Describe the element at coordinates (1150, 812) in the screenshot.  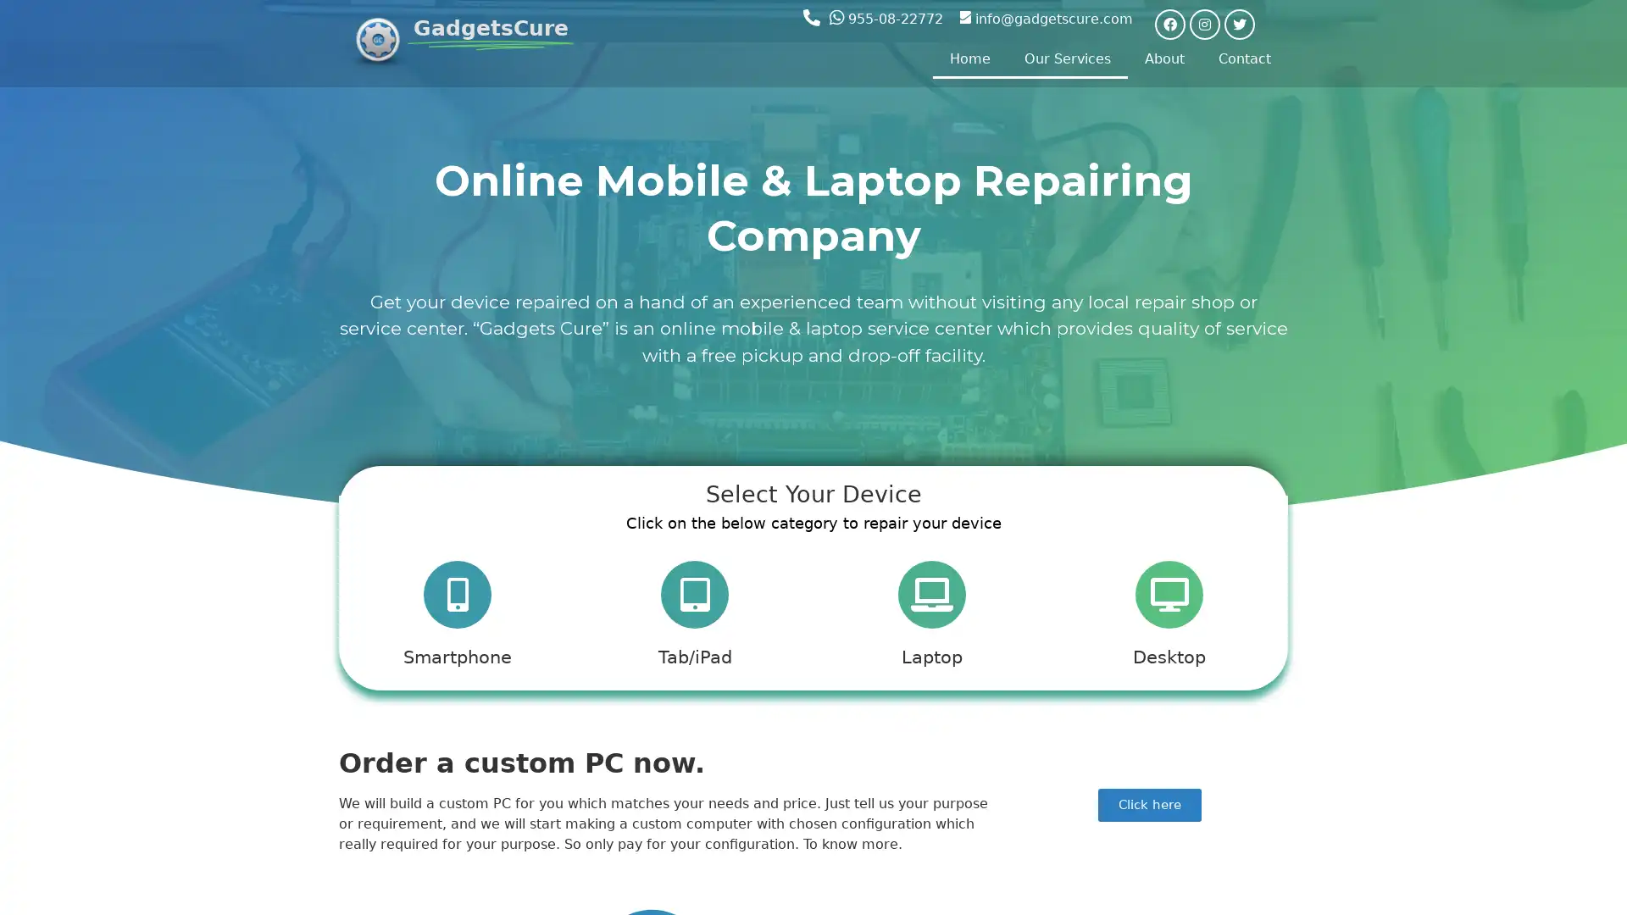
I see `Click here` at that location.